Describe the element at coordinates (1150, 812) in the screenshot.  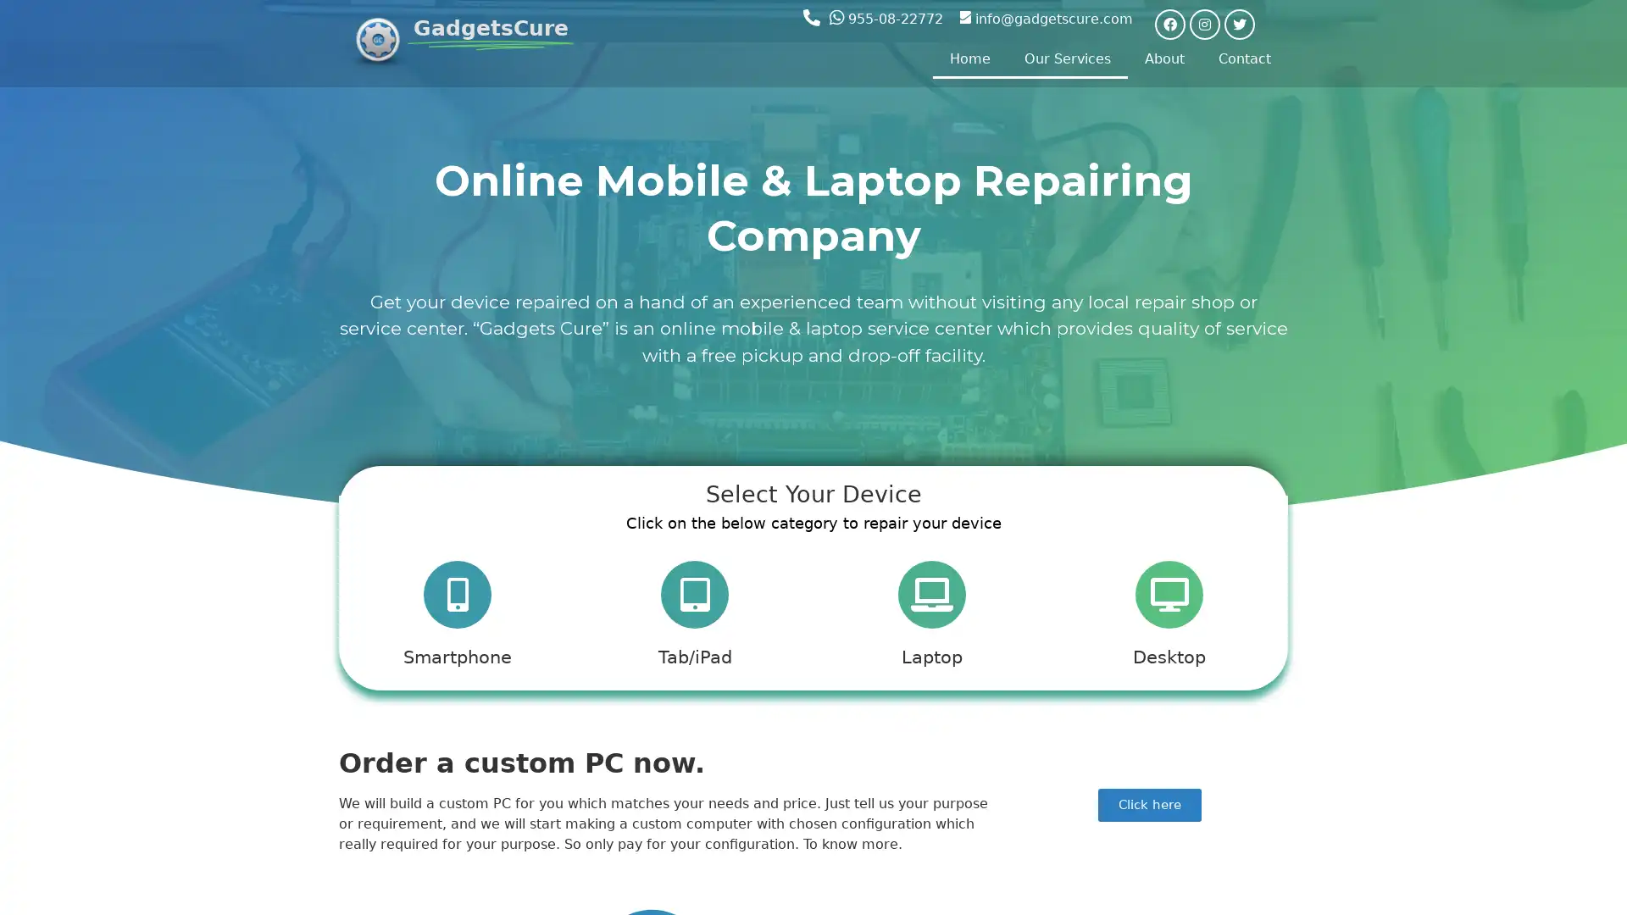
I see `Click here` at that location.